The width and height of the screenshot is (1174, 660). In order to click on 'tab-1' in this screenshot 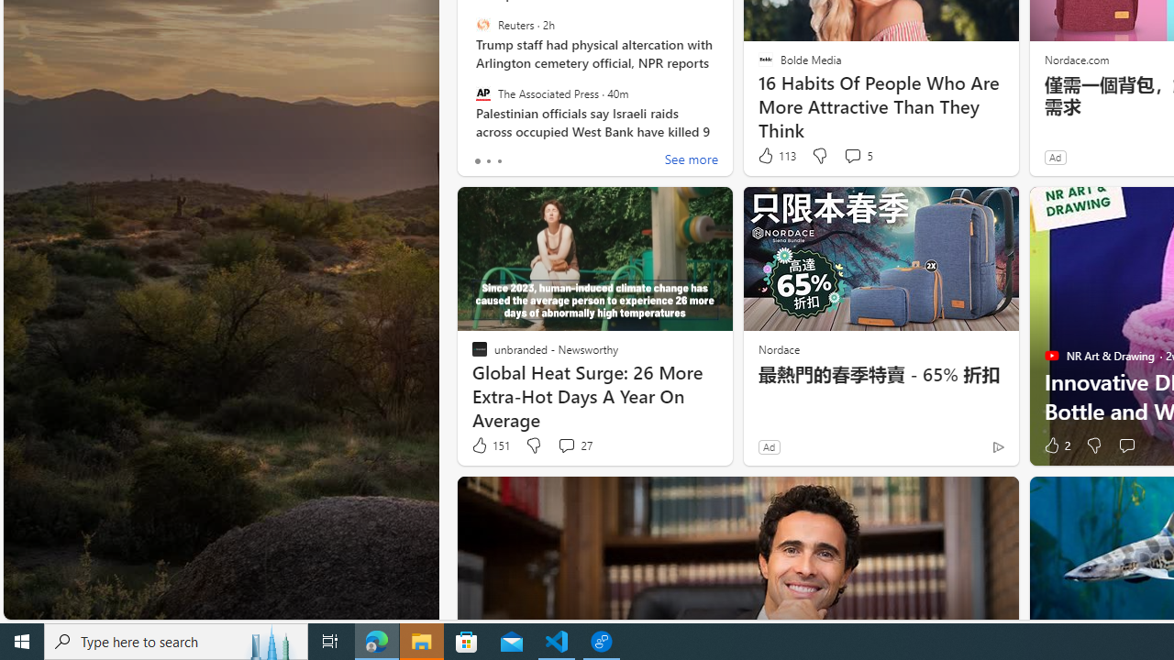, I will do `click(488, 160)`.